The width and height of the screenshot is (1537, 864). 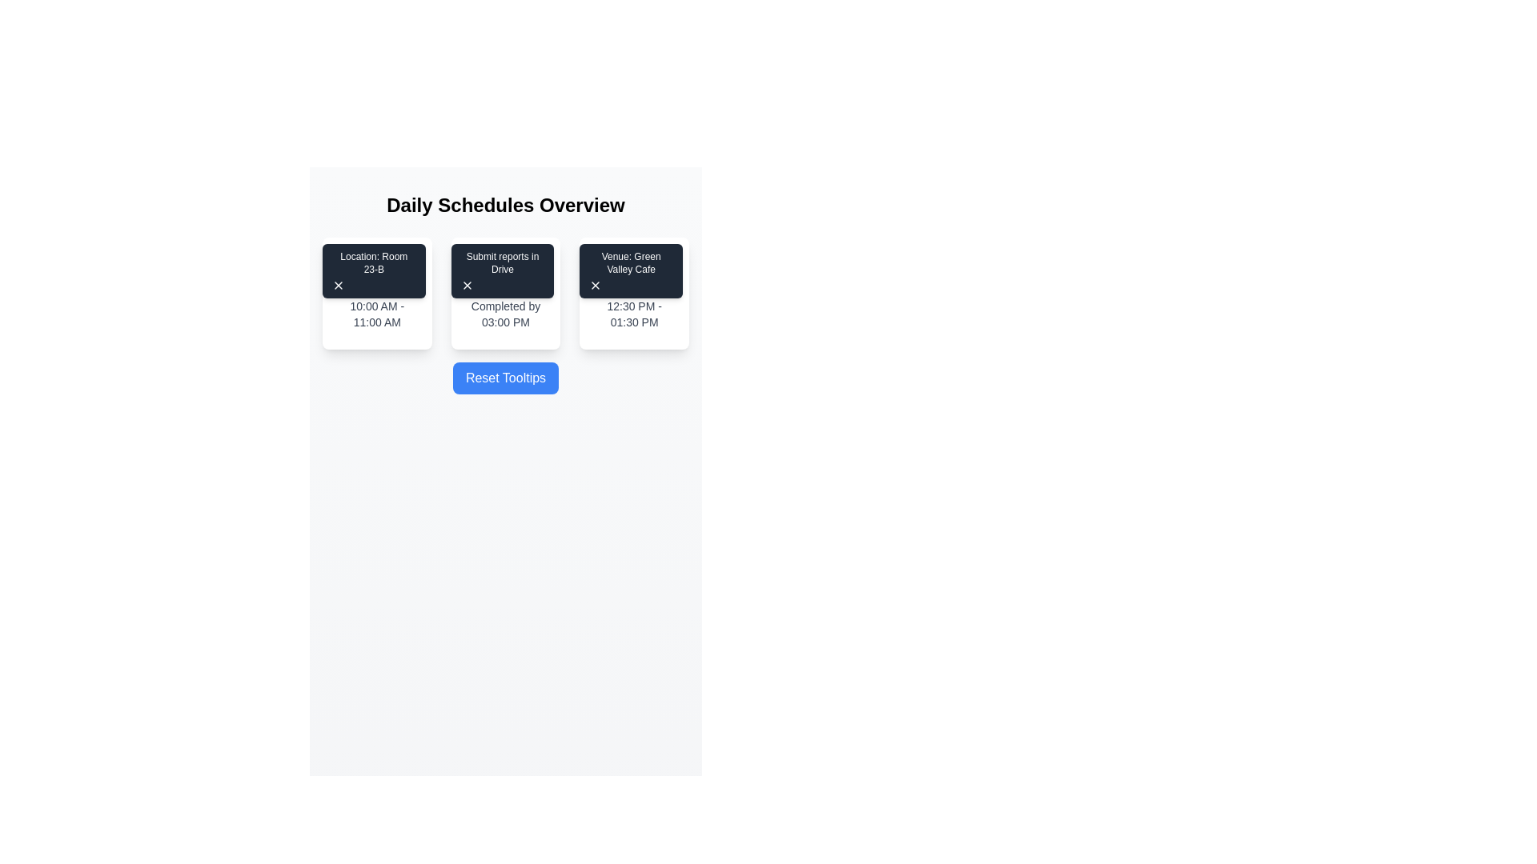 What do you see at coordinates (505, 274) in the screenshot?
I see `the centrally aligned title Text Label in the second card of three, which indicates the subject of the content above the descriptive text 'Completed by 03:00 PM'` at bounding box center [505, 274].